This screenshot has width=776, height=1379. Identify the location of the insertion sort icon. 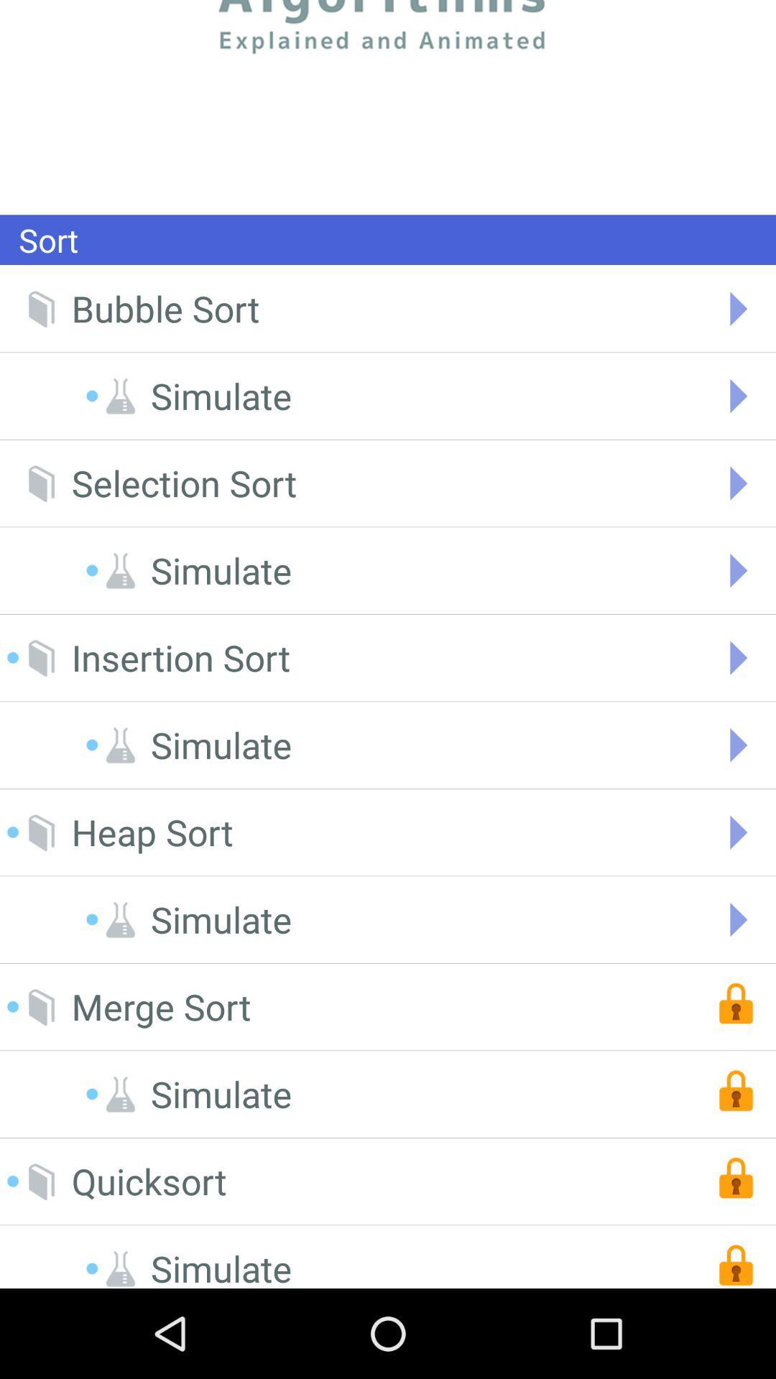
(180, 657).